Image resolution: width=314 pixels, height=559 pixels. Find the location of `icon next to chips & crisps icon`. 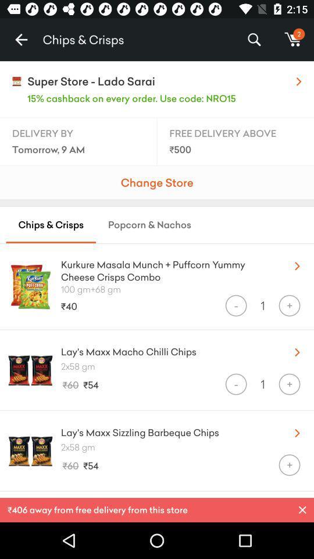

icon next to chips & crisps icon is located at coordinates (21, 40).